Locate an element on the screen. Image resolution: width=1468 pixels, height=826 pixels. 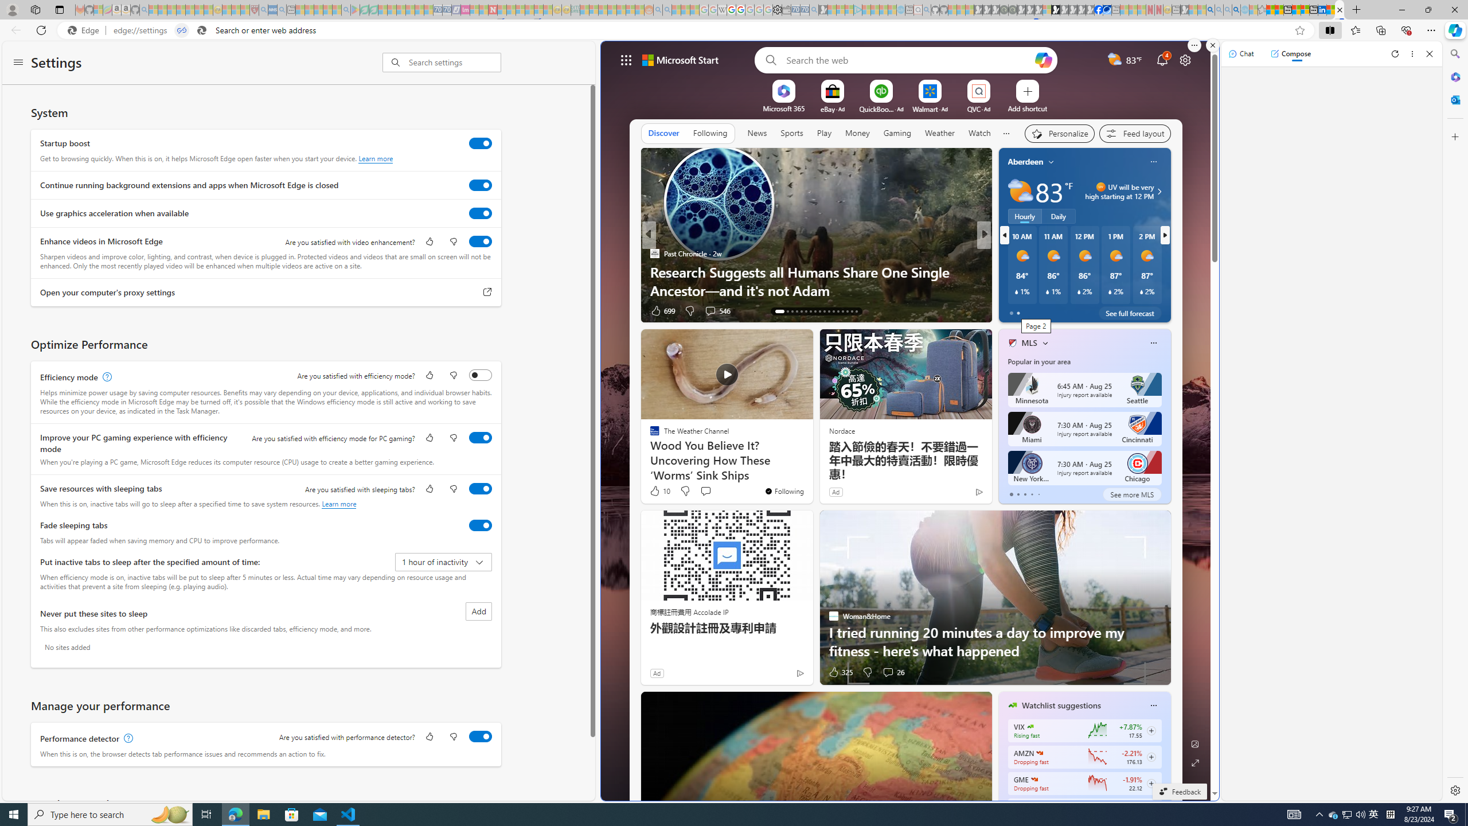
'tab-1' is located at coordinates (1017, 494).